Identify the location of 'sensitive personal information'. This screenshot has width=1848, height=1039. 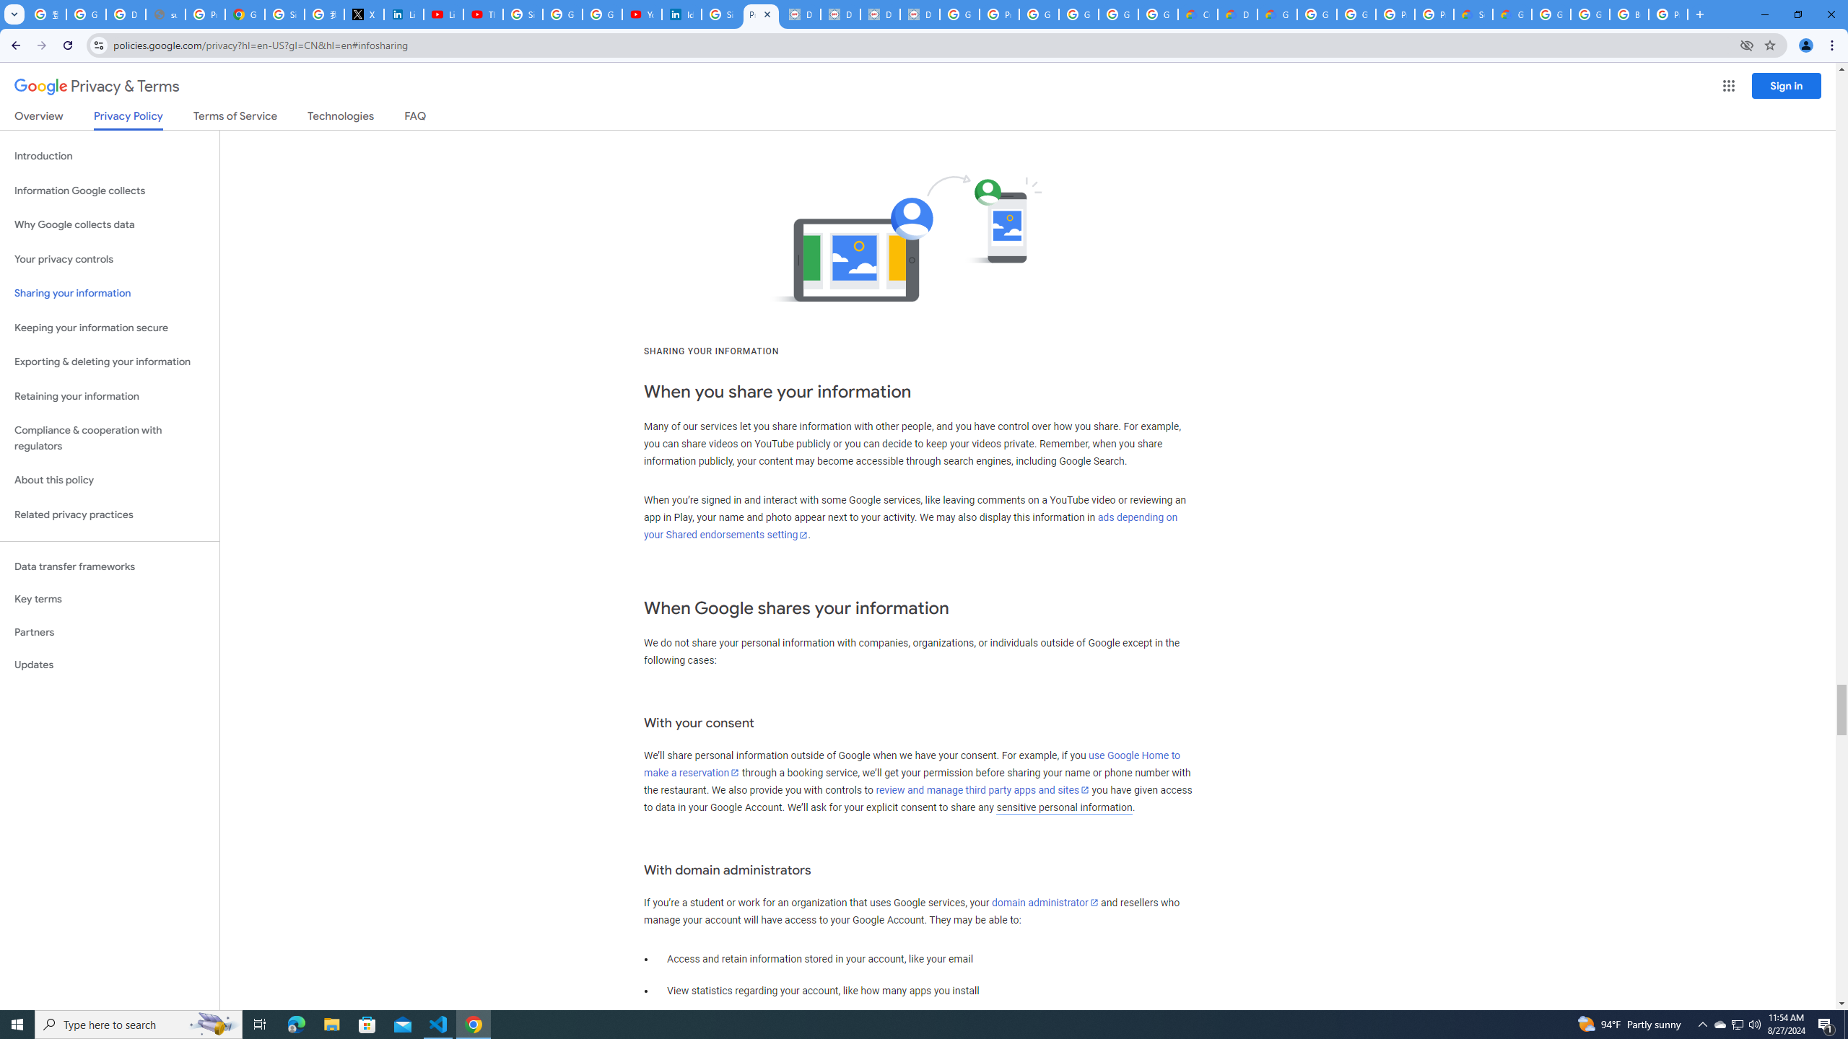
(1063, 807).